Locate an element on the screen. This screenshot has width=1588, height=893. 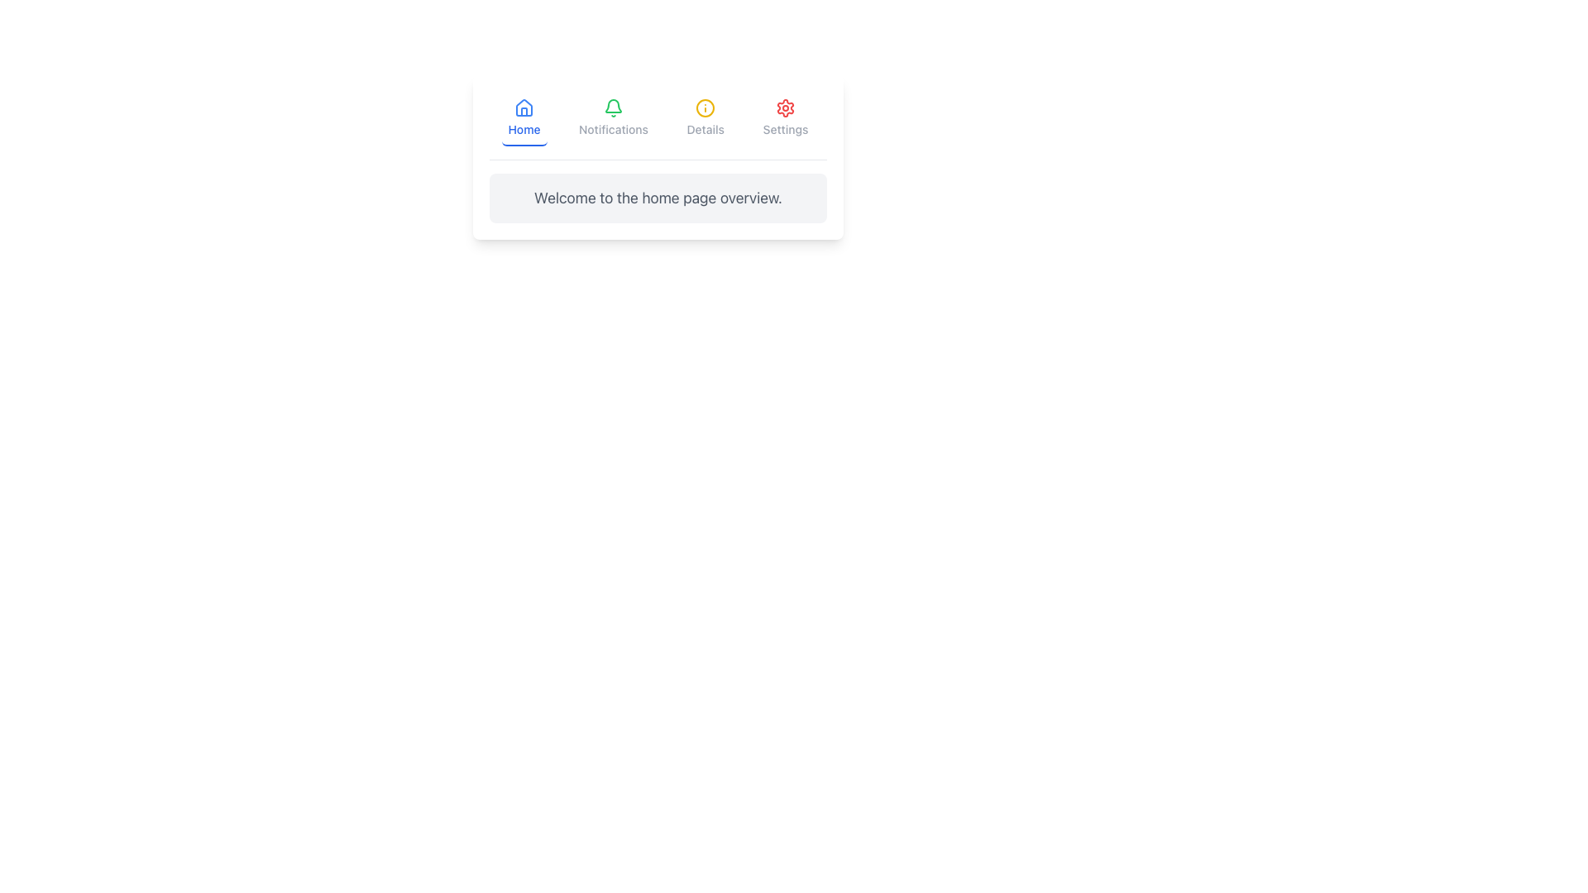
the 'Home' navigation button, which is the first button in a group of four navigation items at the top center of the interface is located at coordinates (523, 117).